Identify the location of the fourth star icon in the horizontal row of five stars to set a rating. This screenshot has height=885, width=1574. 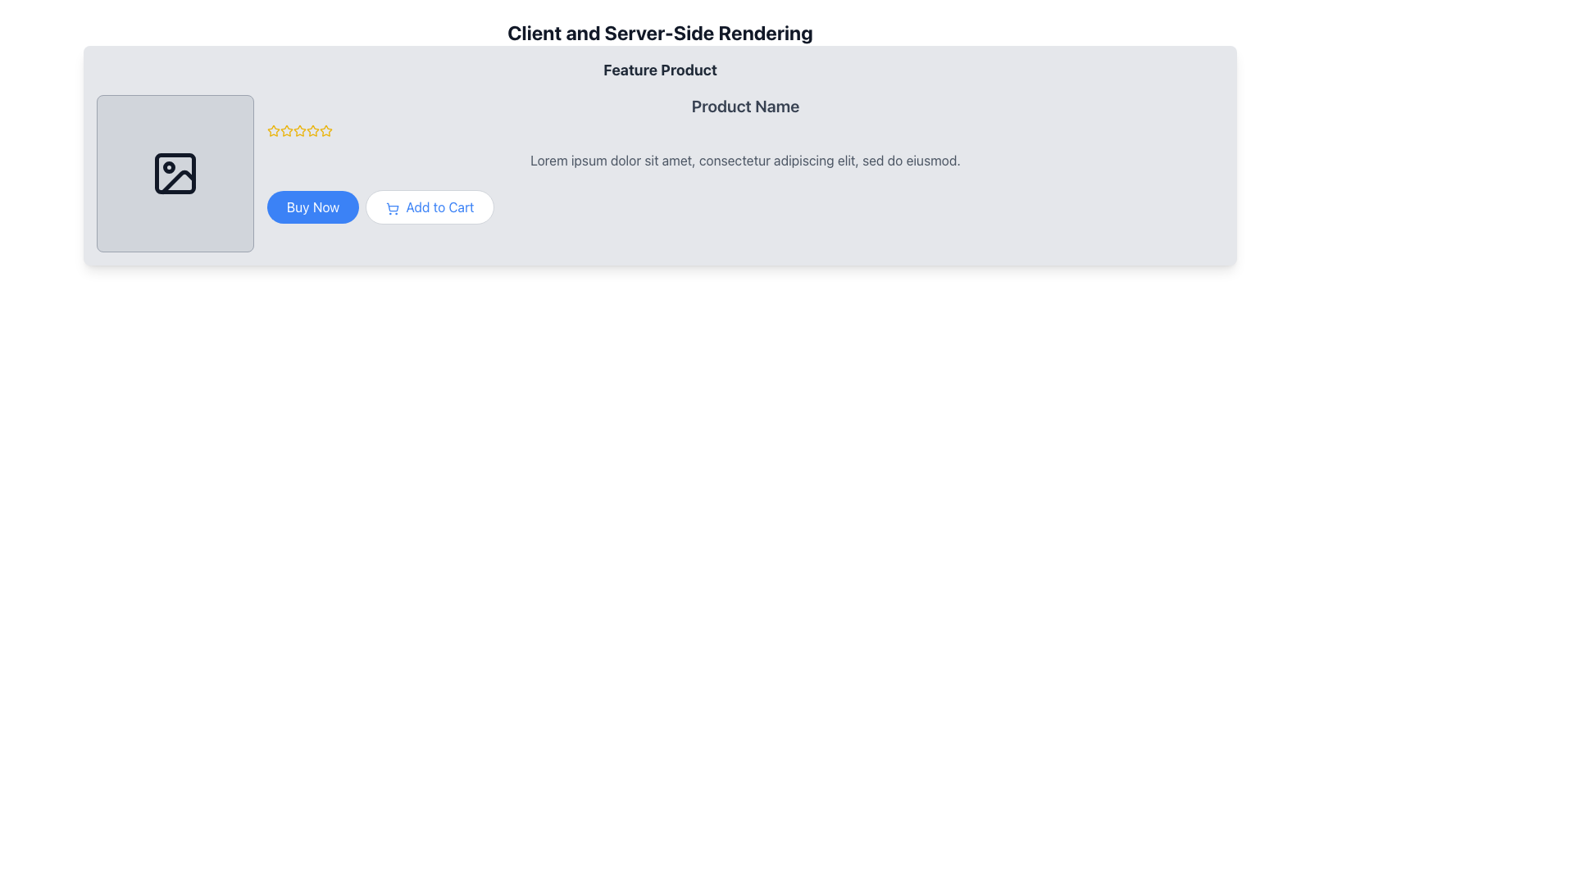
(326, 129).